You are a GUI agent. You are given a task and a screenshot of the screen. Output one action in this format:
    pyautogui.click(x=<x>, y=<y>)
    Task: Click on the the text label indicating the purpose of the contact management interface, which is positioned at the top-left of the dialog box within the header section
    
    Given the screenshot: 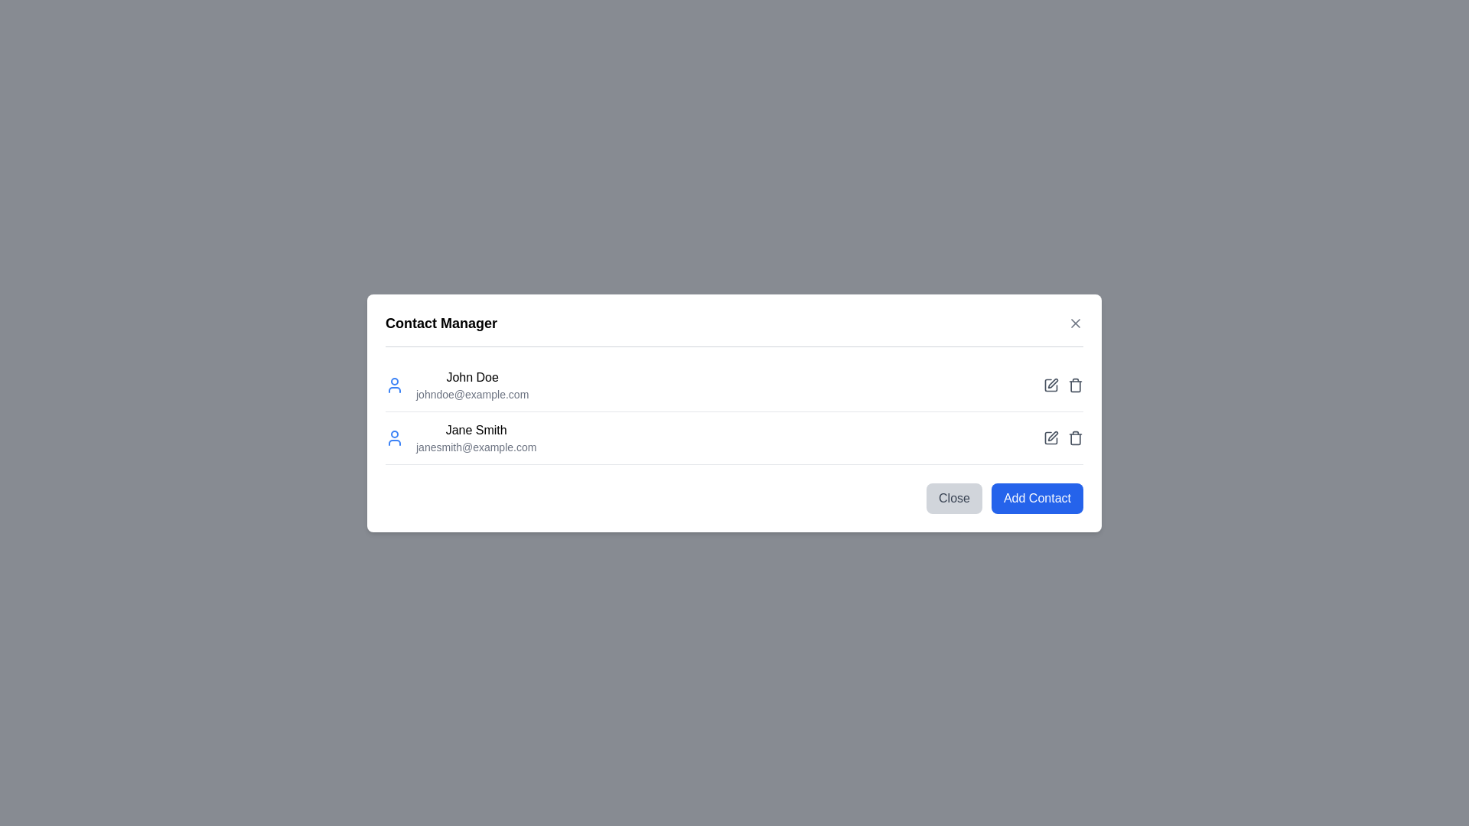 What is the action you would take?
    pyautogui.click(x=440, y=322)
    